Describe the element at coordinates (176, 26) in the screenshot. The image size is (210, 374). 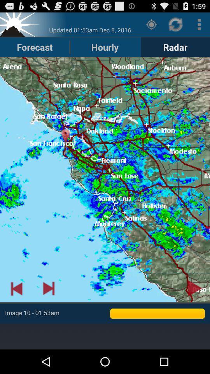
I see `the refresh icon` at that location.